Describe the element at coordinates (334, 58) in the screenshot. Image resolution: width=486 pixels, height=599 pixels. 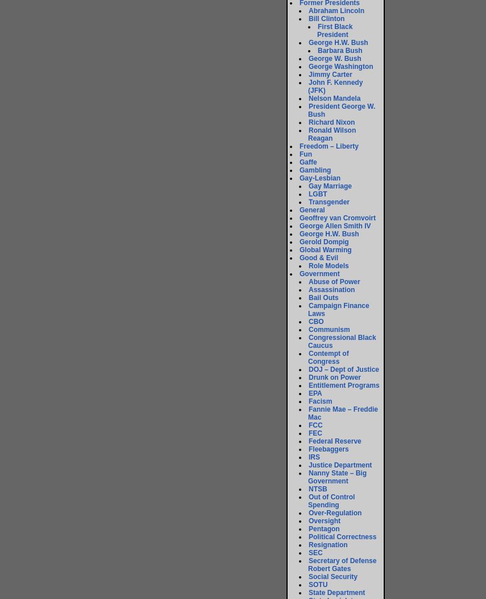
I see `'George W. Bush'` at that location.